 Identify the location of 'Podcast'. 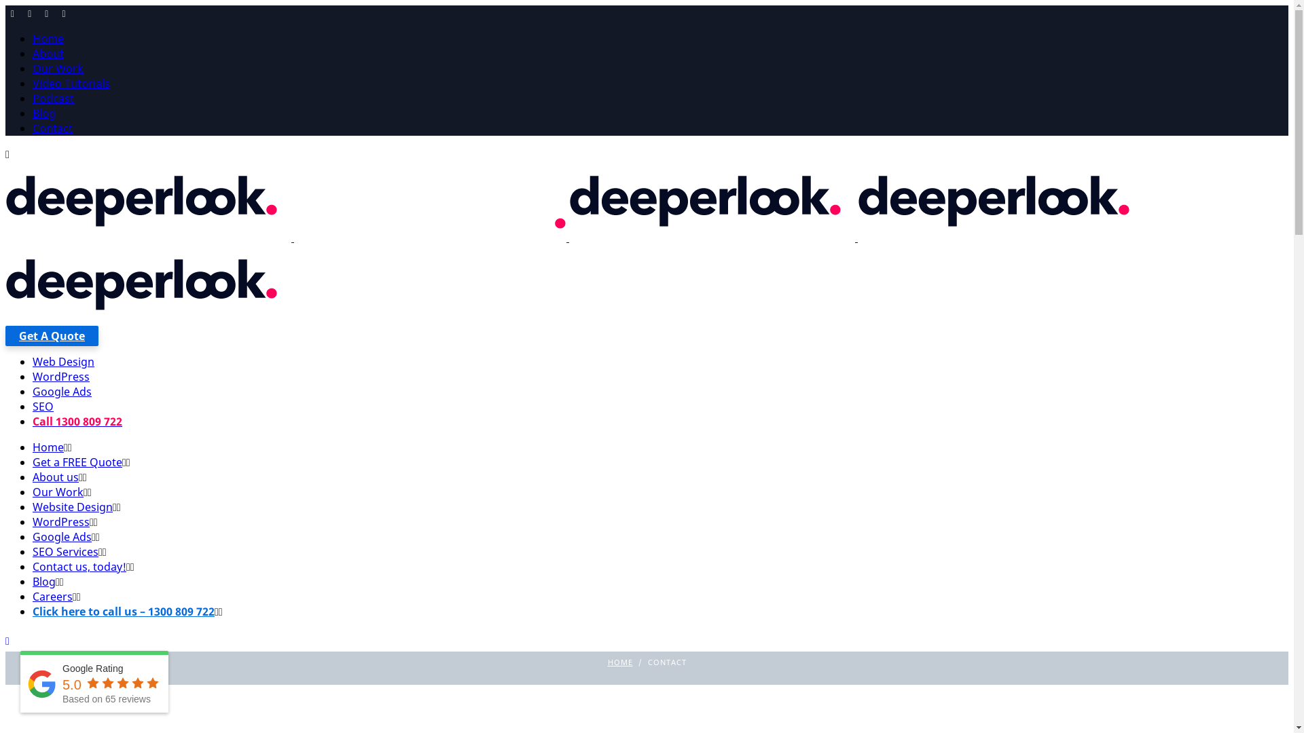
(33, 98).